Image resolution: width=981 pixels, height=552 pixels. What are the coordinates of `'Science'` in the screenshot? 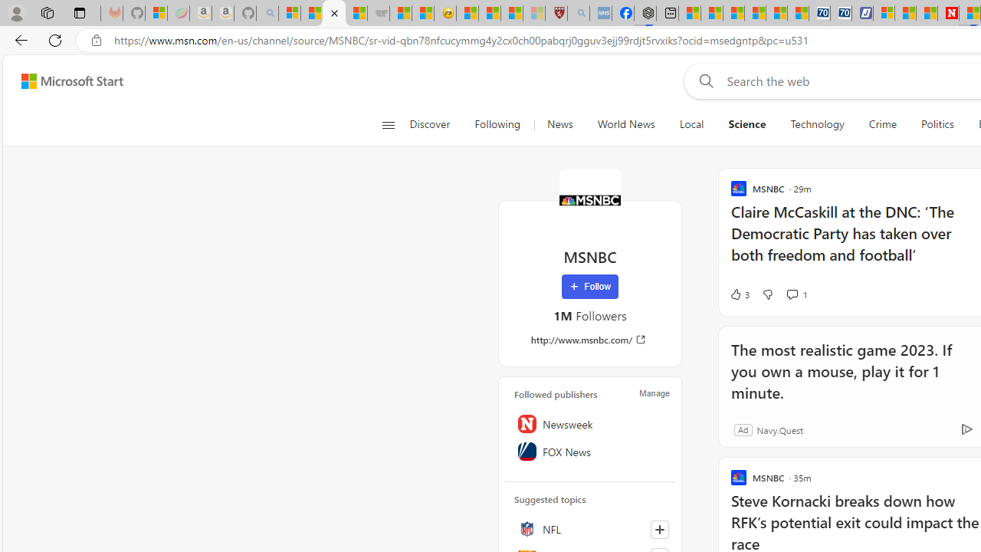 It's located at (746, 124).